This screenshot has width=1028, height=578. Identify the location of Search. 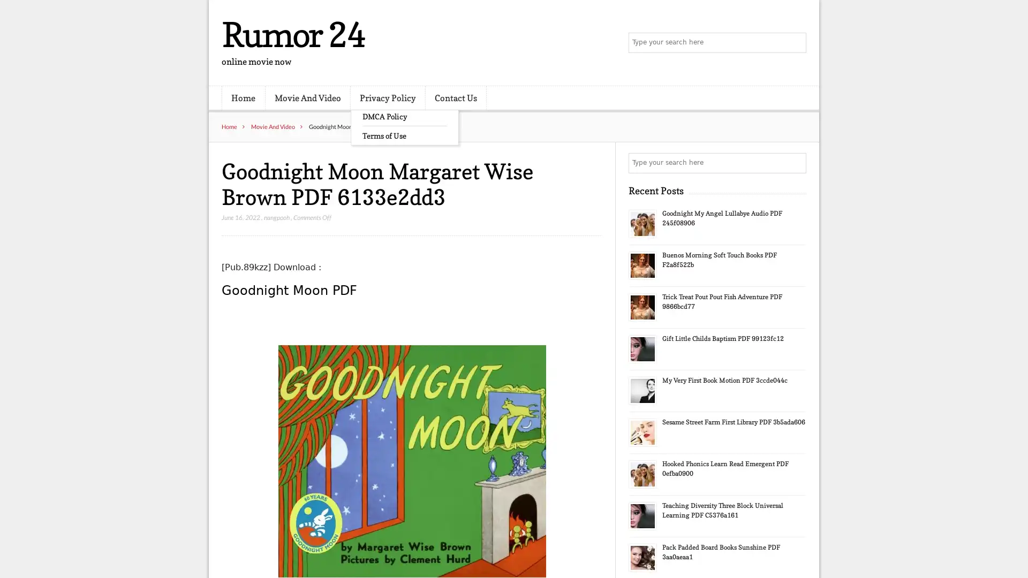
(795, 43).